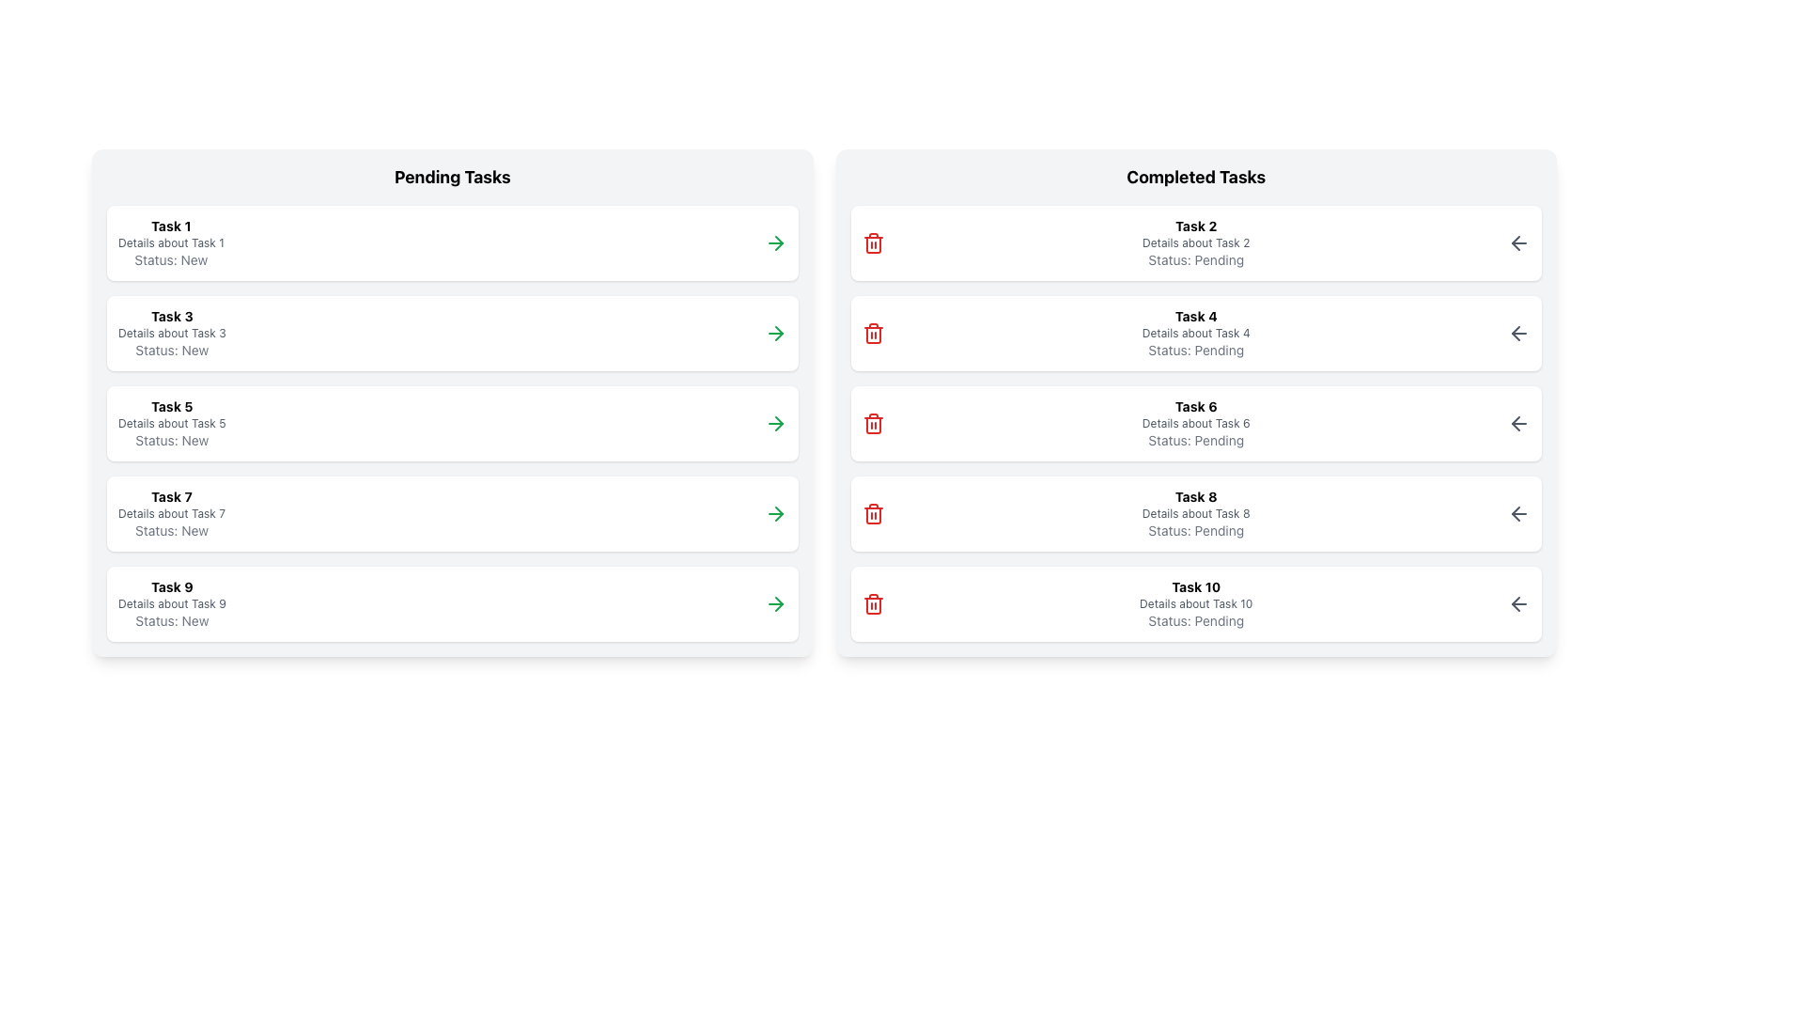 The image size is (1804, 1015). Describe the element at coordinates (1195, 530) in the screenshot. I see `the informational label indicating the status of 'Task 8', which states 'Pending', located in the 'Completed Tasks' section` at that location.